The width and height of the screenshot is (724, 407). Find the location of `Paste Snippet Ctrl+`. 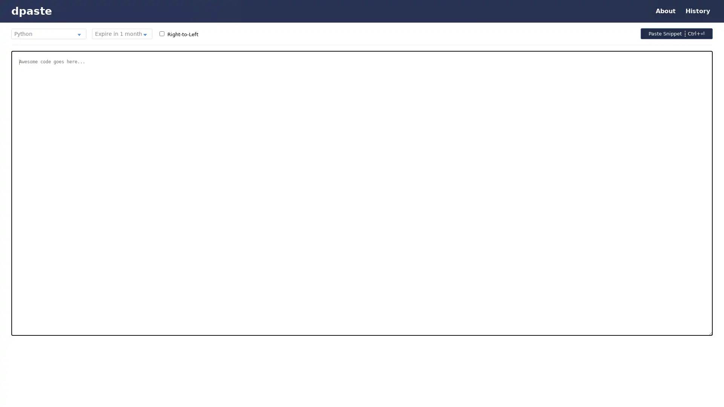

Paste Snippet Ctrl+ is located at coordinates (676, 33).